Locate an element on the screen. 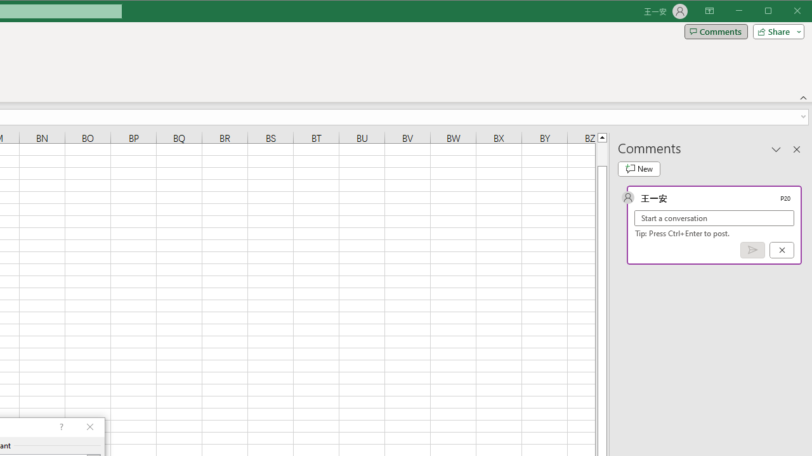 The height and width of the screenshot is (456, 812). 'Ribbon Display Options' is located at coordinates (709, 11).